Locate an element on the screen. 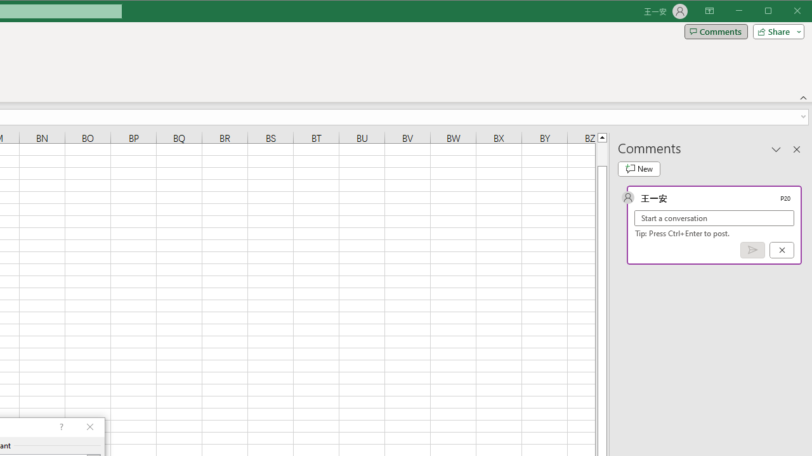 The height and width of the screenshot is (456, 812). 'Ribbon Display Options' is located at coordinates (709, 11).